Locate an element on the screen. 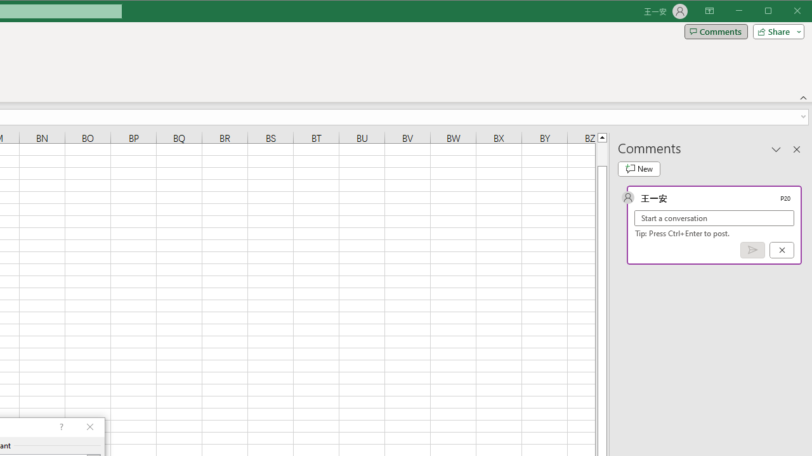 The height and width of the screenshot is (456, 812). 'Ribbon Display Options' is located at coordinates (709, 11).